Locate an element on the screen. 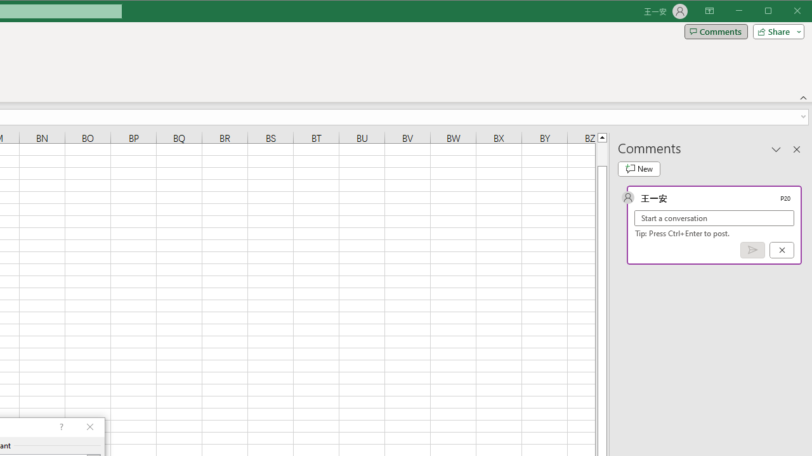 The height and width of the screenshot is (456, 812). 'Ribbon Display Options' is located at coordinates (709, 11).